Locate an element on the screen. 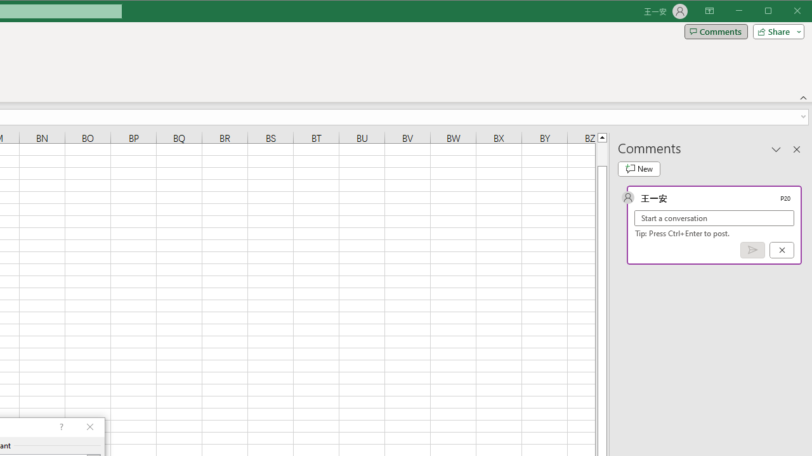 The height and width of the screenshot is (456, 812). 'Ribbon Display Options' is located at coordinates (709, 11).